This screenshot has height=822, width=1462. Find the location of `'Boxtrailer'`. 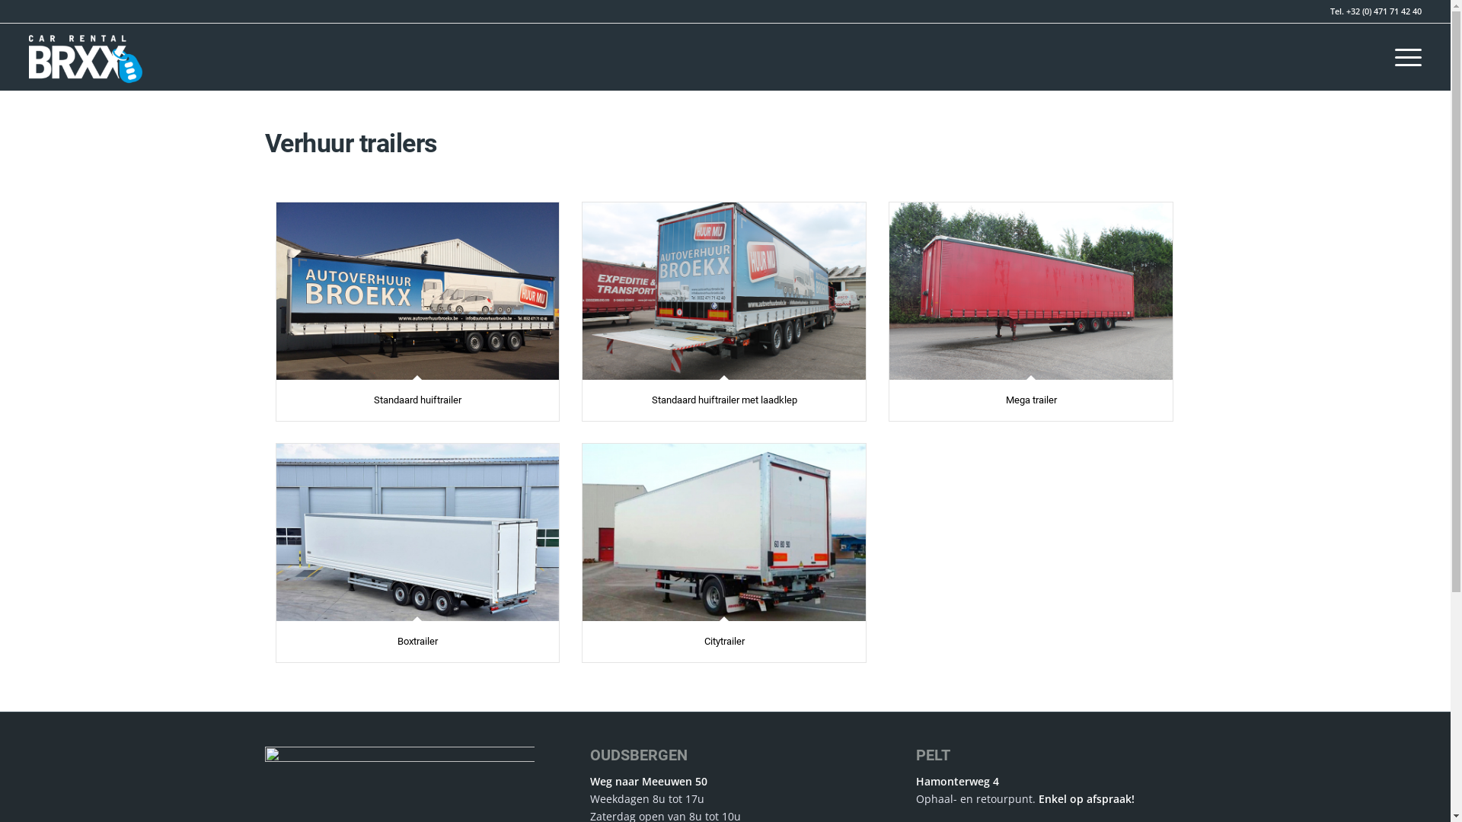

'Boxtrailer' is located at coordinates (417, 641).